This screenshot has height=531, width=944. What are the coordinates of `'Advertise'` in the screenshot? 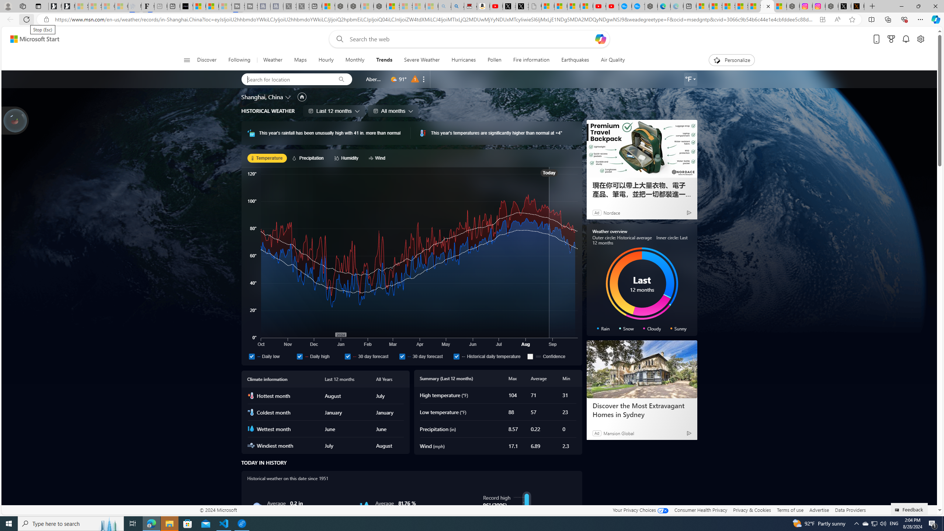 It's located at (819, 510).